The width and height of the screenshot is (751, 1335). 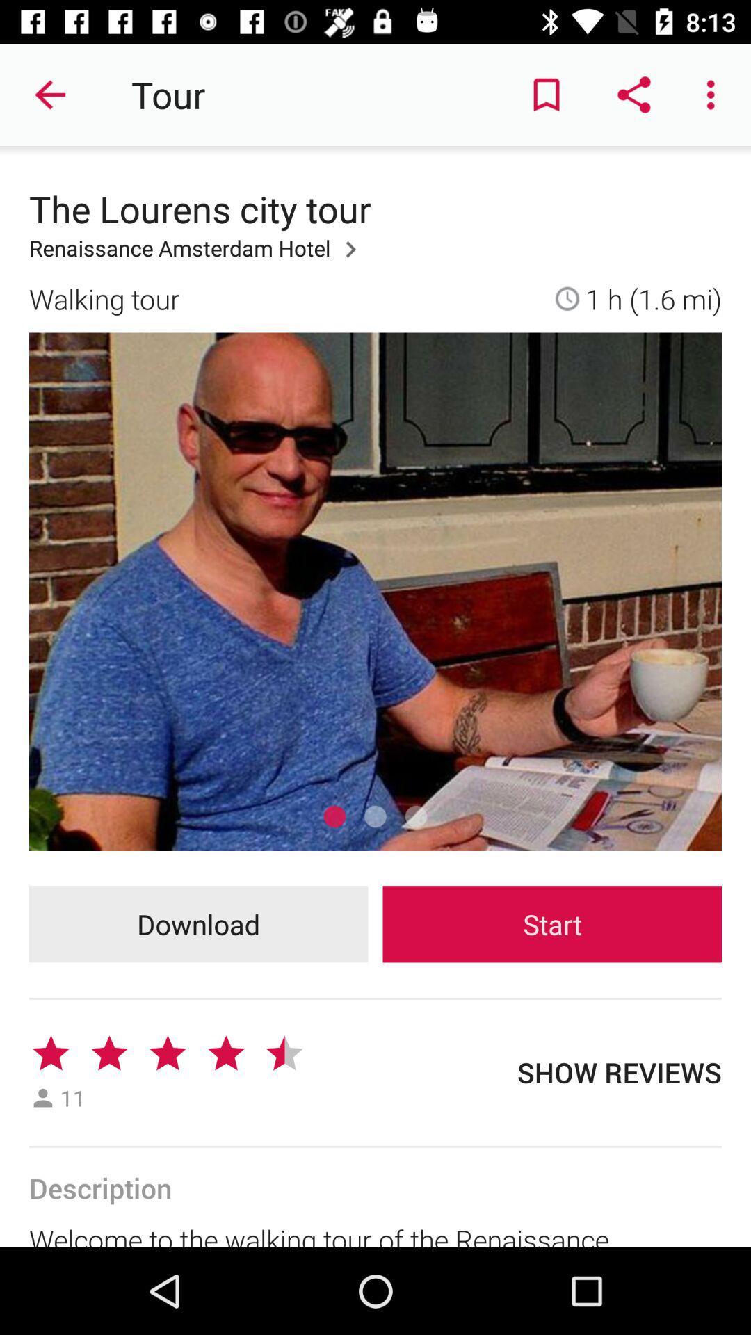 I want to click on share button, so click(x=633, y=95).